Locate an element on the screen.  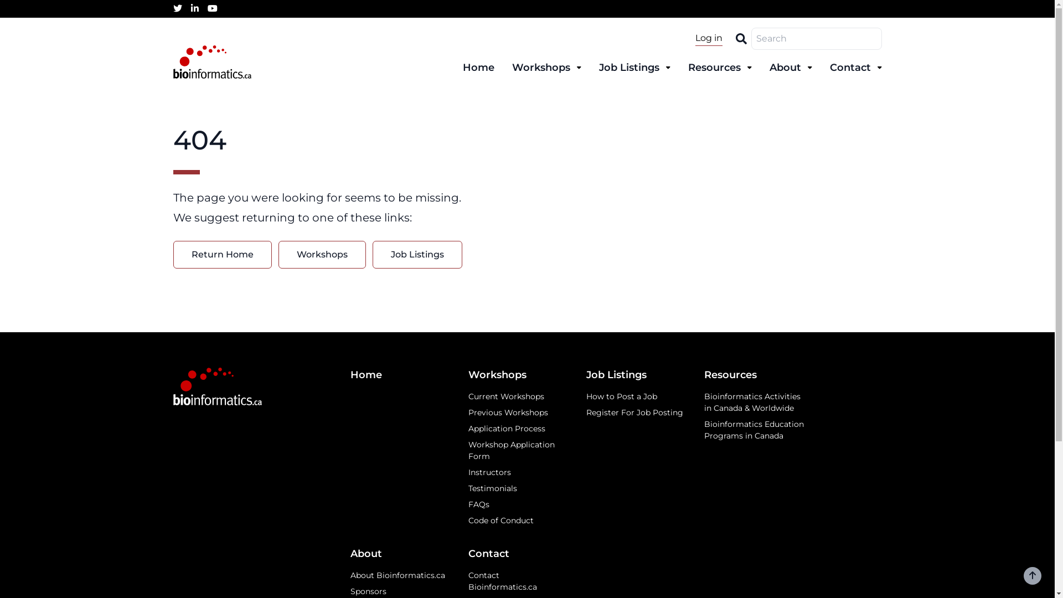
'Home' is located at coordinates (400, 374).